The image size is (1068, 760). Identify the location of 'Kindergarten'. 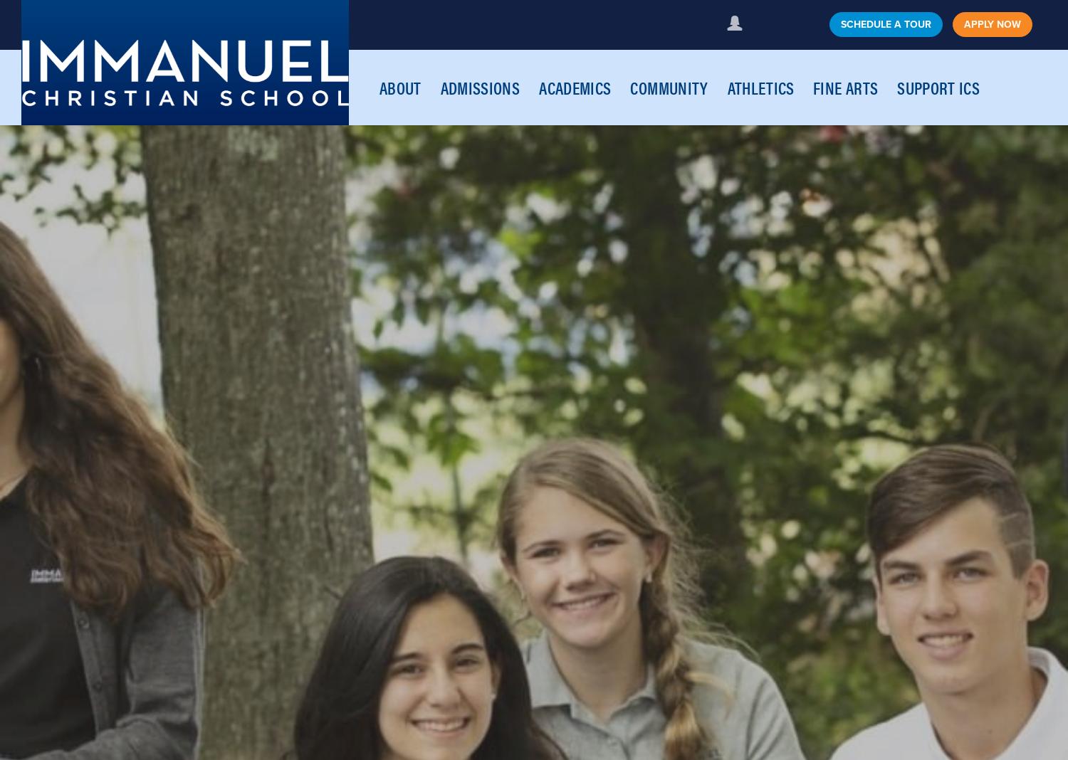
(690, 179).